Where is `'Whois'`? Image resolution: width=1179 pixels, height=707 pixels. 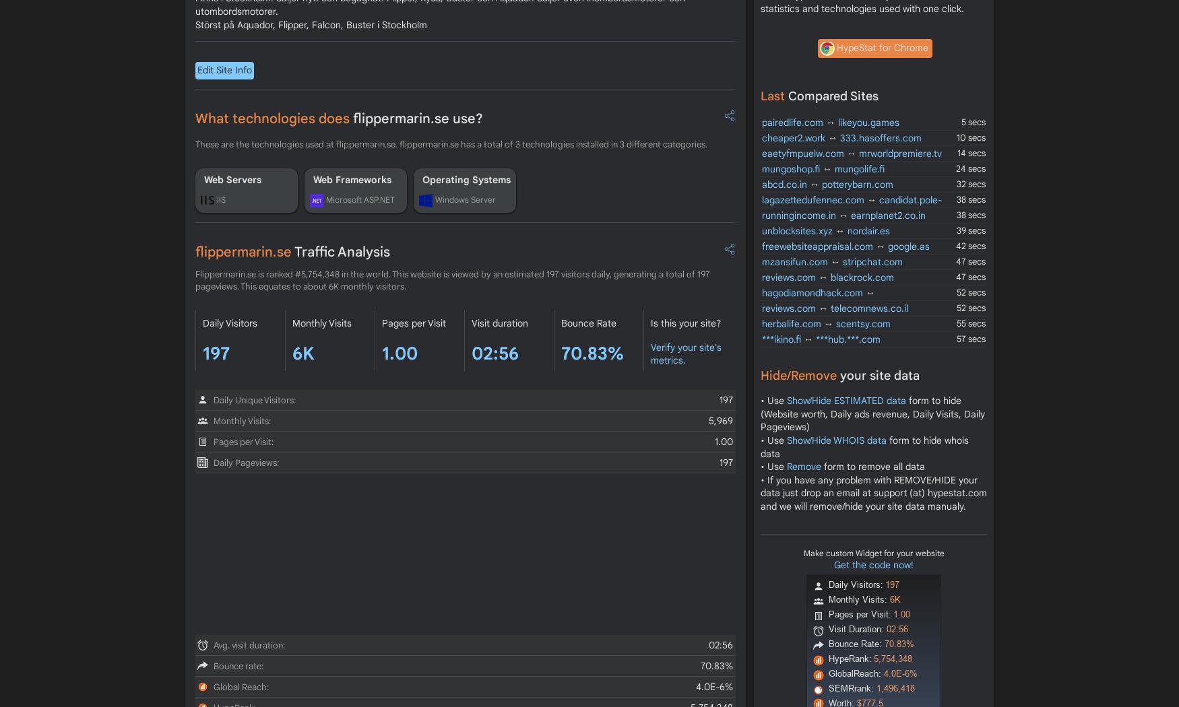
'Whois' is located at coordinates (216, 156).